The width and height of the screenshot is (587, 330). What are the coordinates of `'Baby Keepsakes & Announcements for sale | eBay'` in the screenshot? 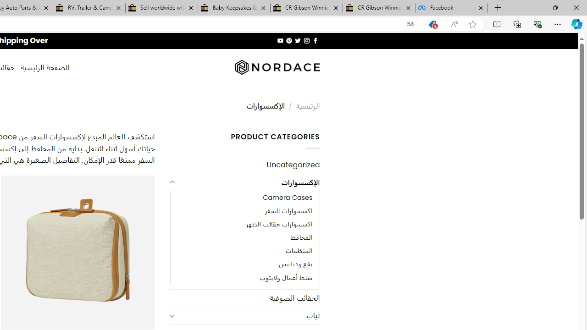 It's located at (234, 8).